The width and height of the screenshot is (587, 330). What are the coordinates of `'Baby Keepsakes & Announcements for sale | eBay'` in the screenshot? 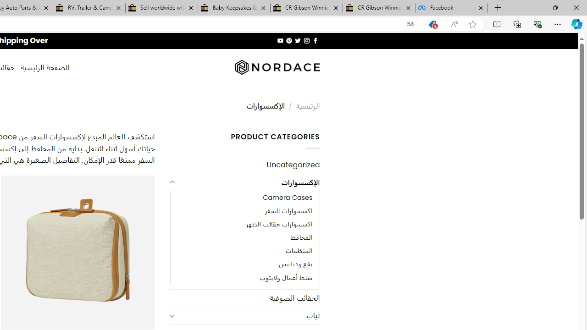 It's located at (234, 8).